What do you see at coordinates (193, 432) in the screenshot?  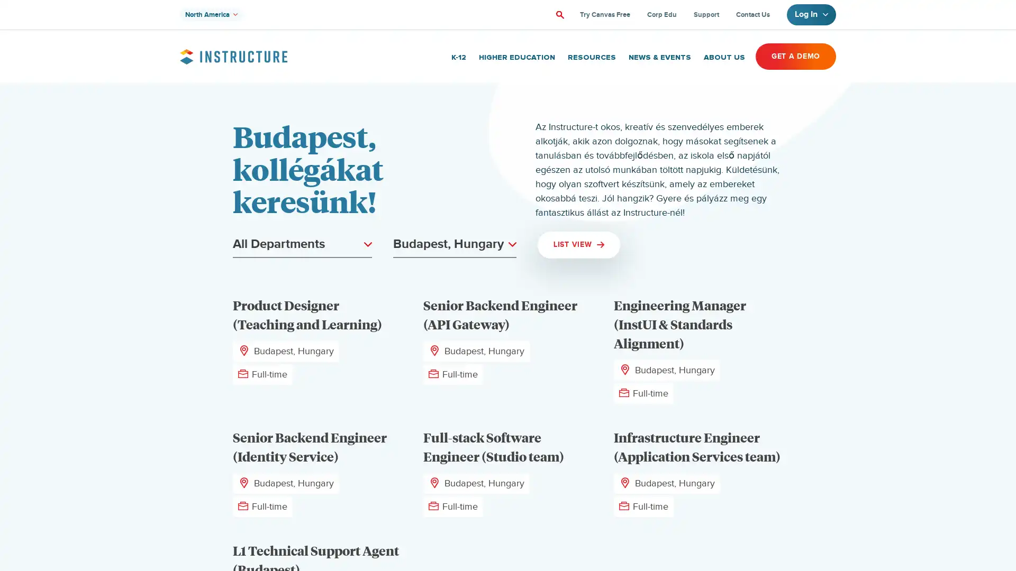 I see `Close` at bounding box center [193, 432].